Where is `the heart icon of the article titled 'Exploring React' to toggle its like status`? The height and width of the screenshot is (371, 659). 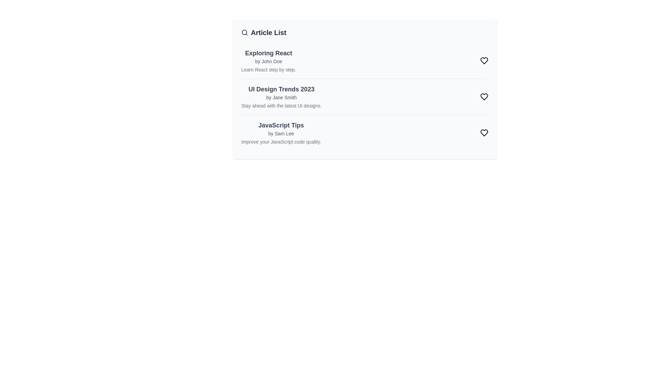
the heart icon of the article titled 'Exploring React' to toggle its like status is located at coordinates (484, 60).